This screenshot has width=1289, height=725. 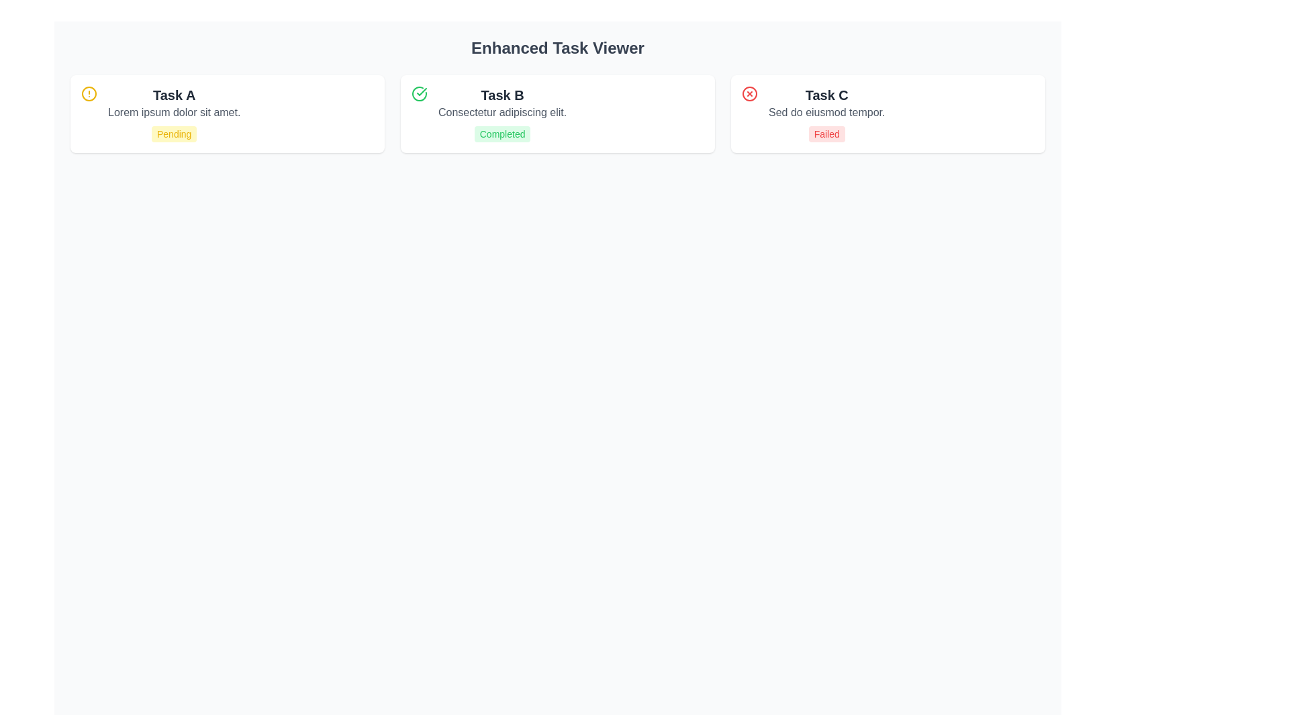 What do you see at coordinates (826, 112) in the screenshot?
I see `text 'Sed do eiusmod tempor.' from the gray-colored text element located within the card representing 'Task C', positioned between the header 'Task C' and the 'Failed' label` at bounding box center [826, 112].